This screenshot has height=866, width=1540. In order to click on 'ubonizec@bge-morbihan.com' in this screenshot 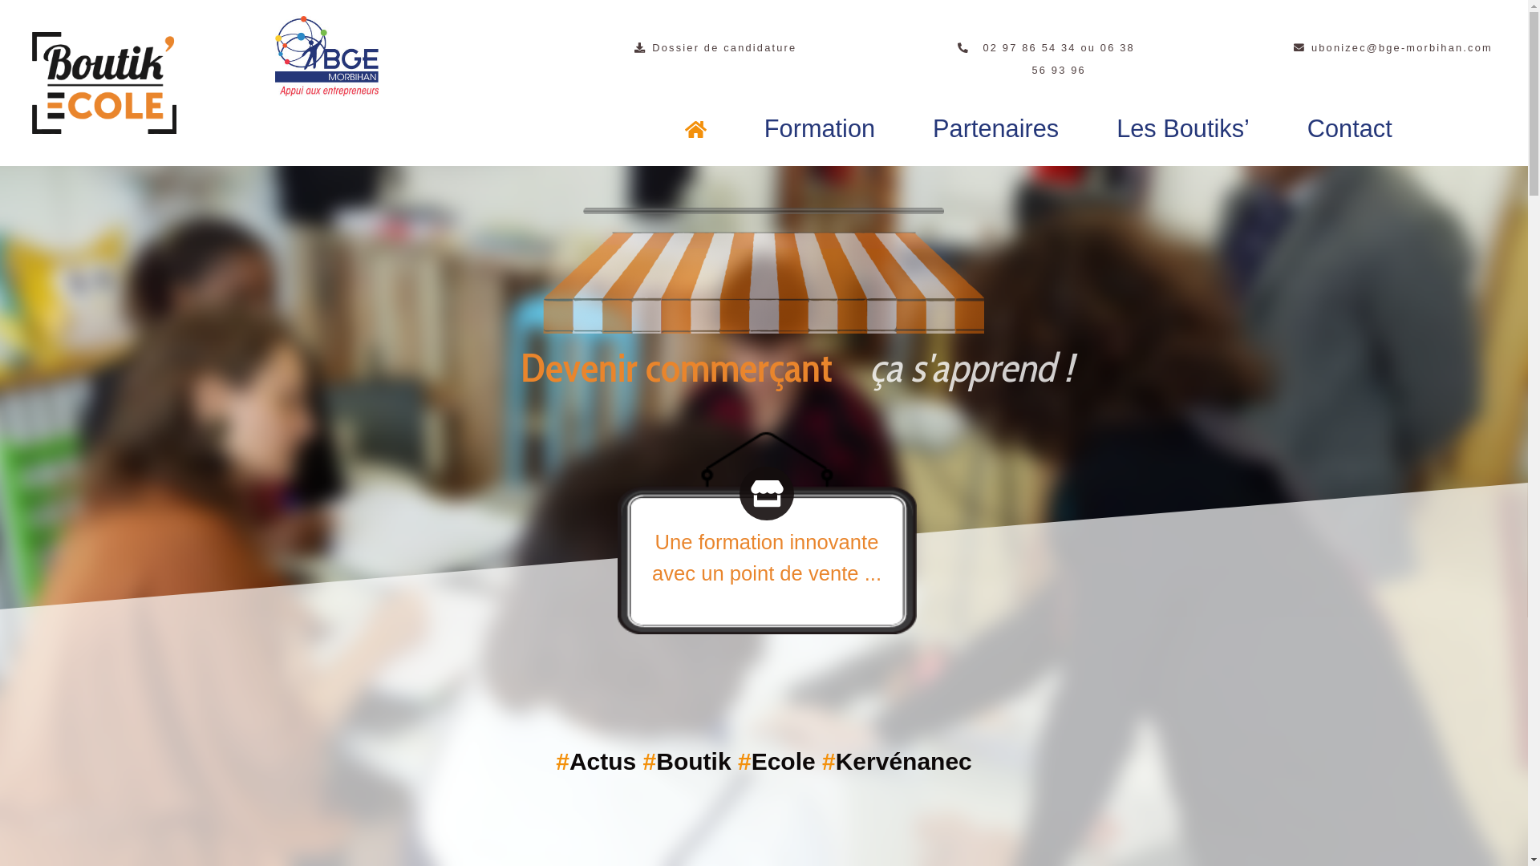, I will do `click(1392, 47)`.